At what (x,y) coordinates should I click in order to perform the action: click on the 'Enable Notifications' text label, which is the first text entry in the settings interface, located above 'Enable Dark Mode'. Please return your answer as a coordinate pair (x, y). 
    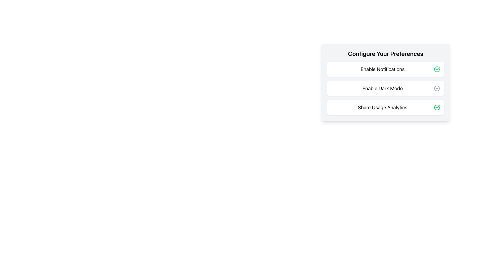
    Looking at the image, I should click on (382, 69).